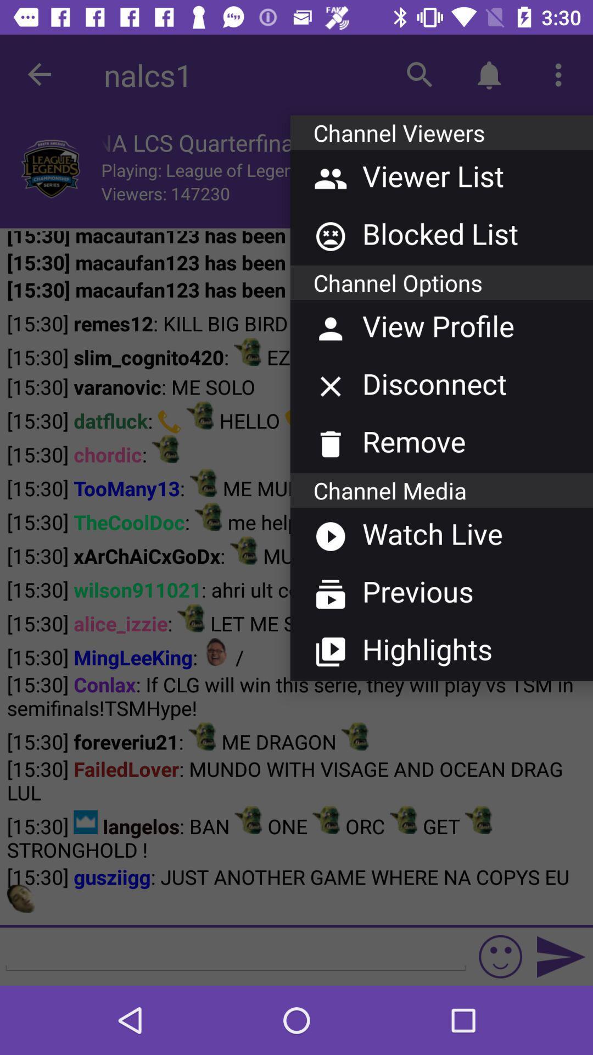  What do you see at coordinates (561, 956) in the screenshot?
I see `the send icon` at bounding box center [561, 956].